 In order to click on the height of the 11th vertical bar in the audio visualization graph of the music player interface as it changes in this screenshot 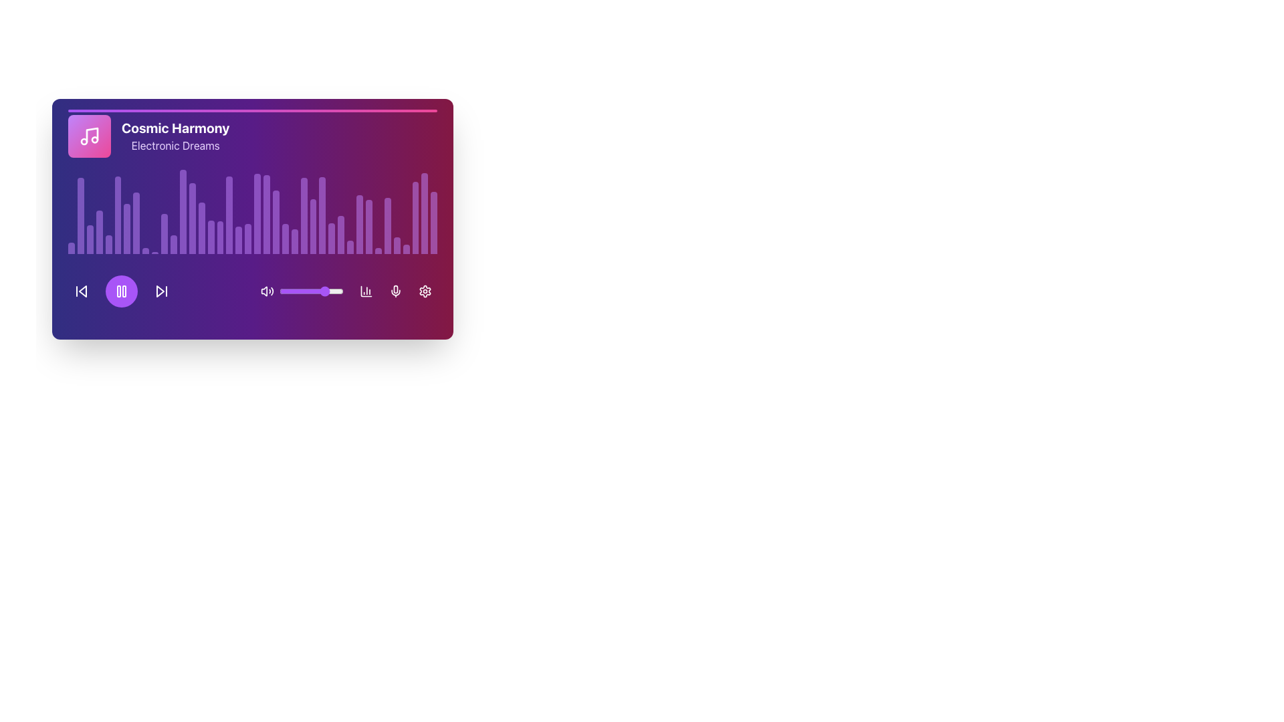, I will do `click(163, 233)`.